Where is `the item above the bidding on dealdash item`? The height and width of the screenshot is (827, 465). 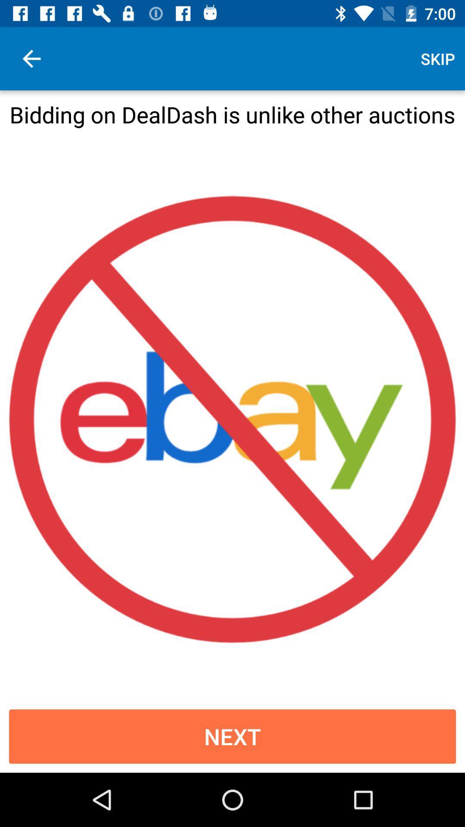
the item above the bidding on dealdash item is located at coordinates (31, 58).